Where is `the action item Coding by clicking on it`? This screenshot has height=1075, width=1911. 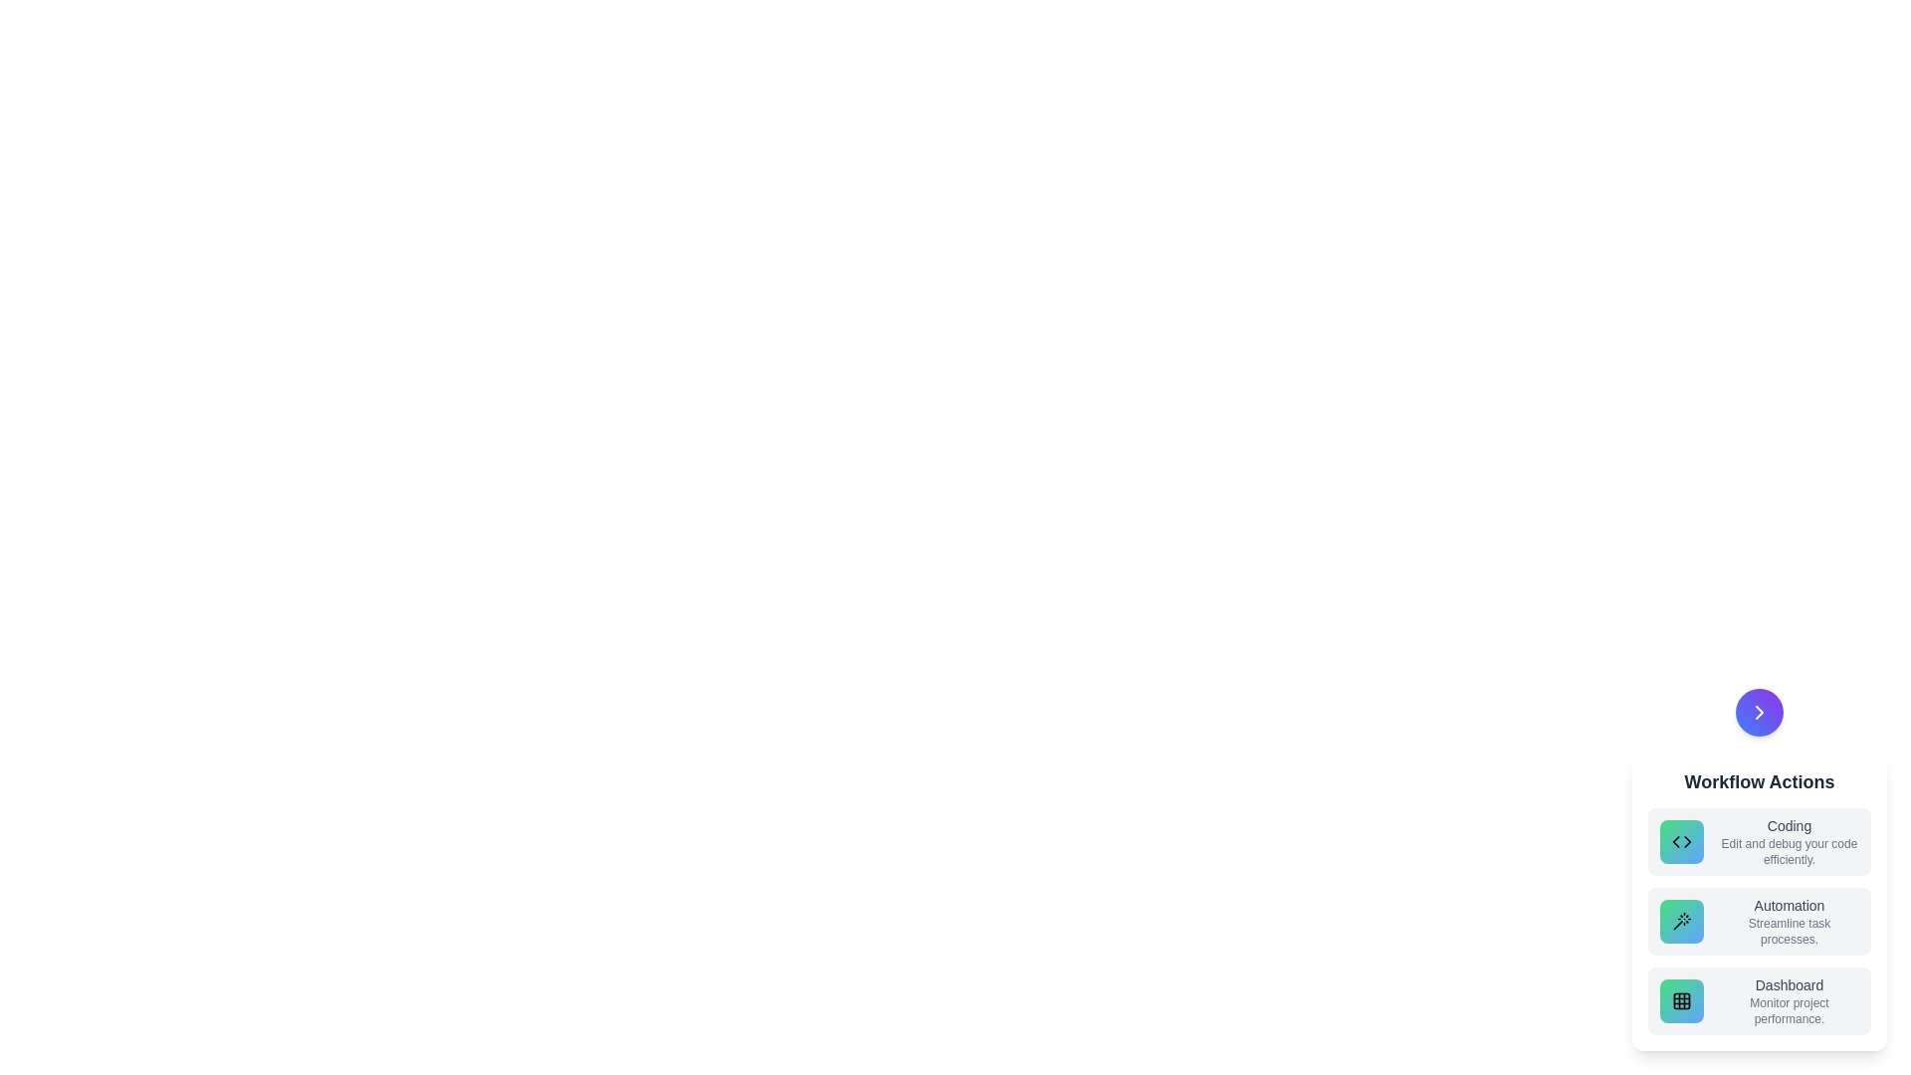
the action item Coding by clicking on it is located at coordinates (1759, 841).